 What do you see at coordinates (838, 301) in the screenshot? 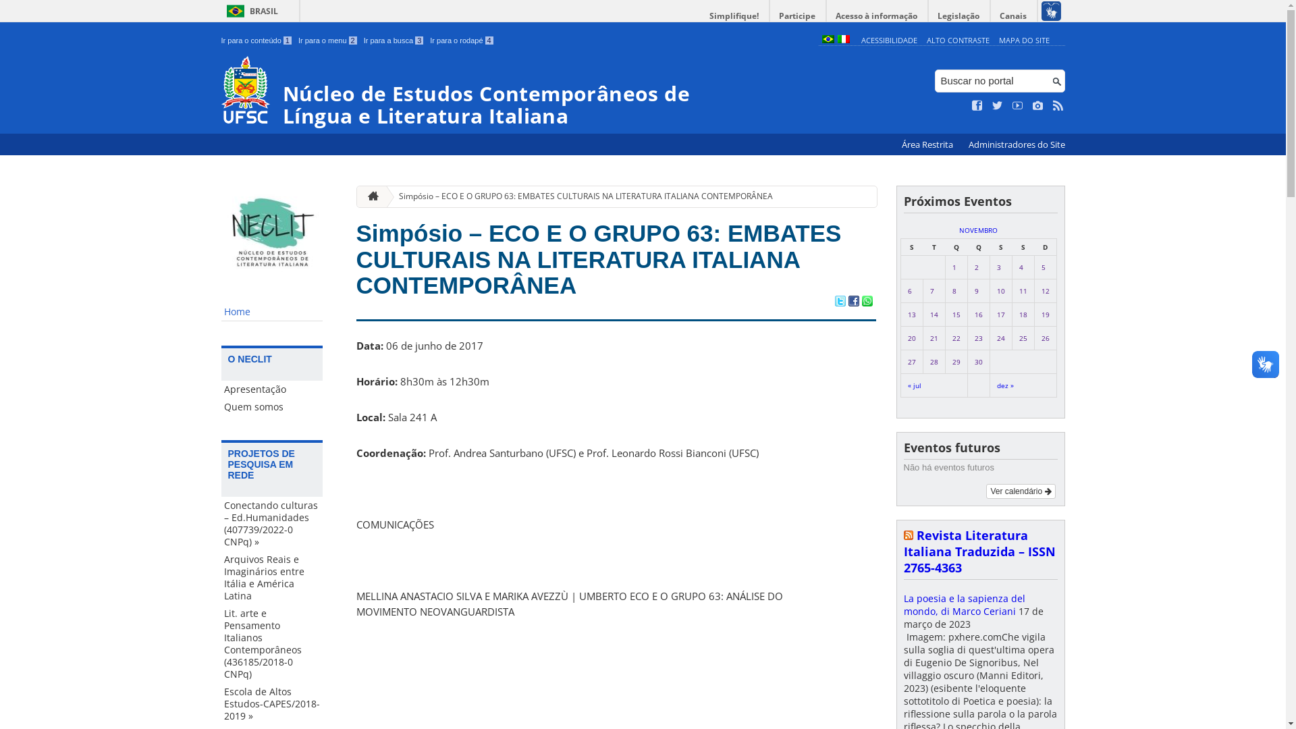
I see `'Compartilhar no Twitter'` at bounding box center [838, 301].